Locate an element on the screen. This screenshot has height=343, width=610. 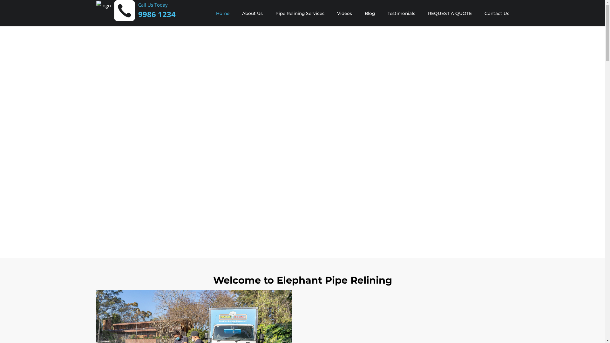
'Home' is located at coordinates (222, 13).